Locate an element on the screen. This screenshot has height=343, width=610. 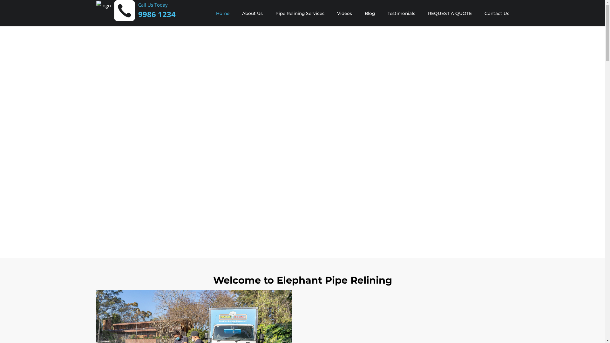
'Home' is located at coordinates (222, 13).